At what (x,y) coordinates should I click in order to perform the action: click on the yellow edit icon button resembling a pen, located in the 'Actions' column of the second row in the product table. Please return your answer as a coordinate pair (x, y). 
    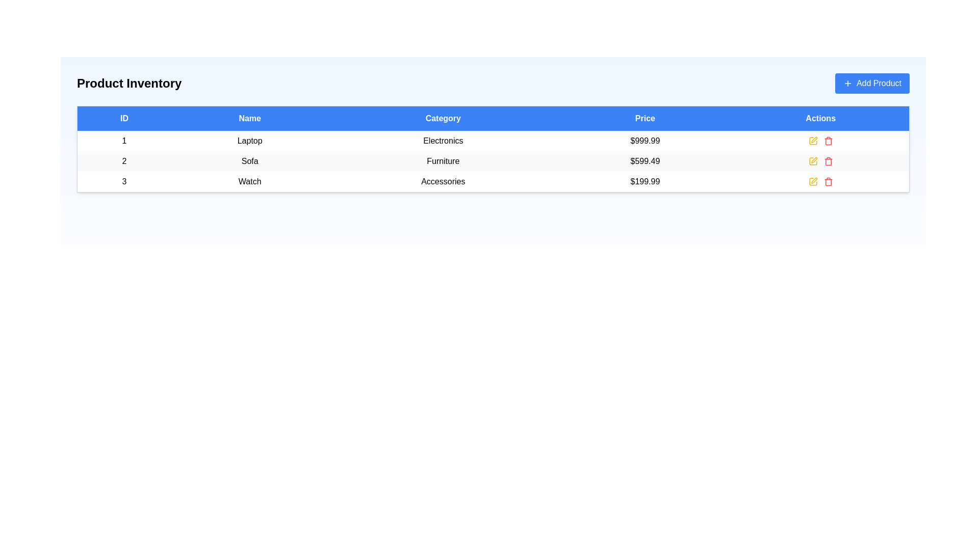
    Looking at the image, I should click on (812, 160).